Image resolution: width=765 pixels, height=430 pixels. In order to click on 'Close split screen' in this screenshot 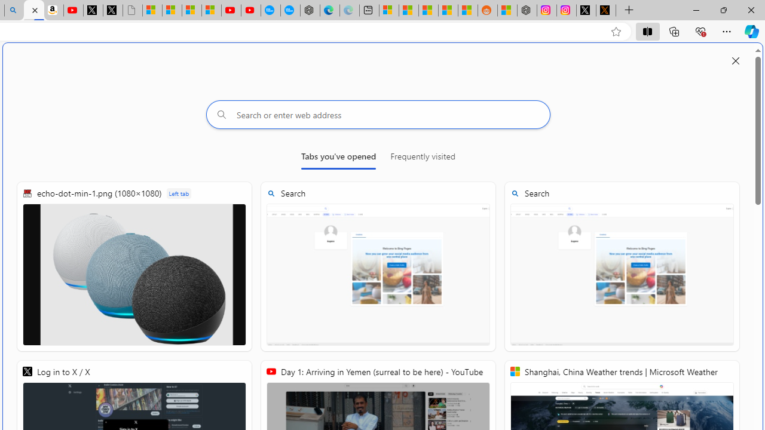, I will do `click(735, 61)`.